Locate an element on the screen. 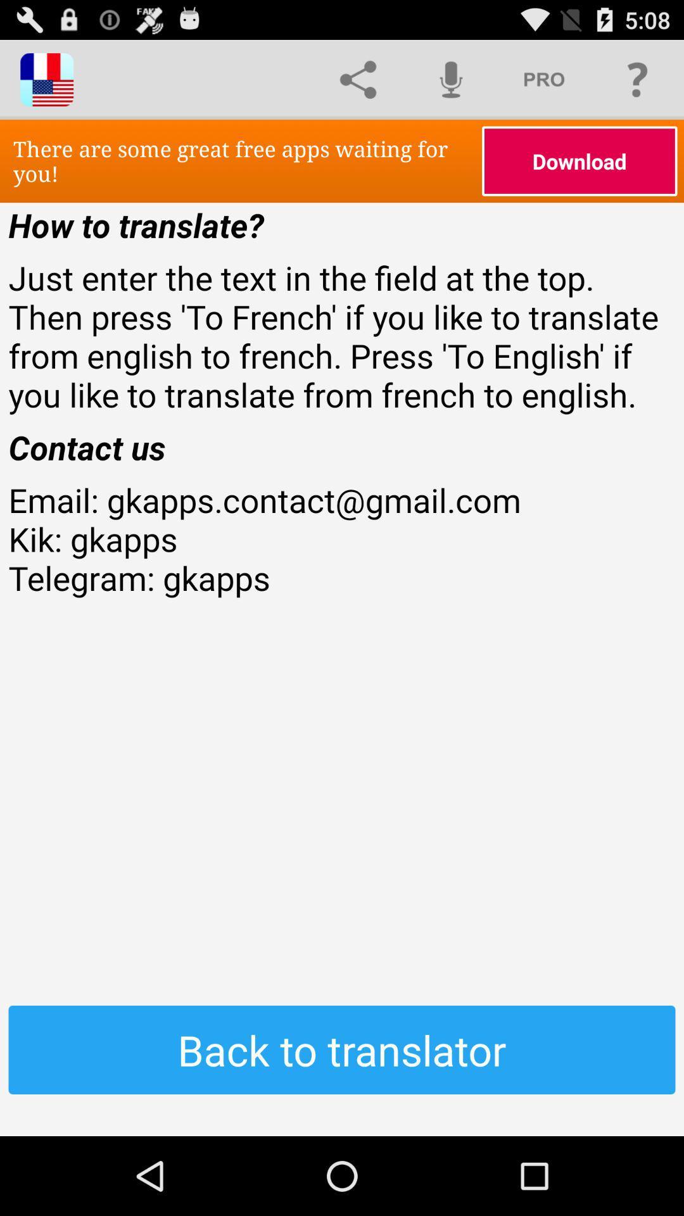  button at the bottom is located at coordinates (342, 1049).